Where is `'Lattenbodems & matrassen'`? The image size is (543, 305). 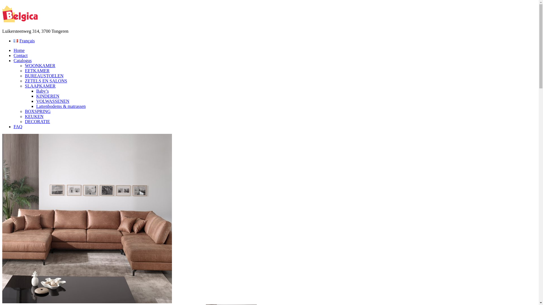
'Lattenbodems & matrassen' is located at coordinates (61, 106).